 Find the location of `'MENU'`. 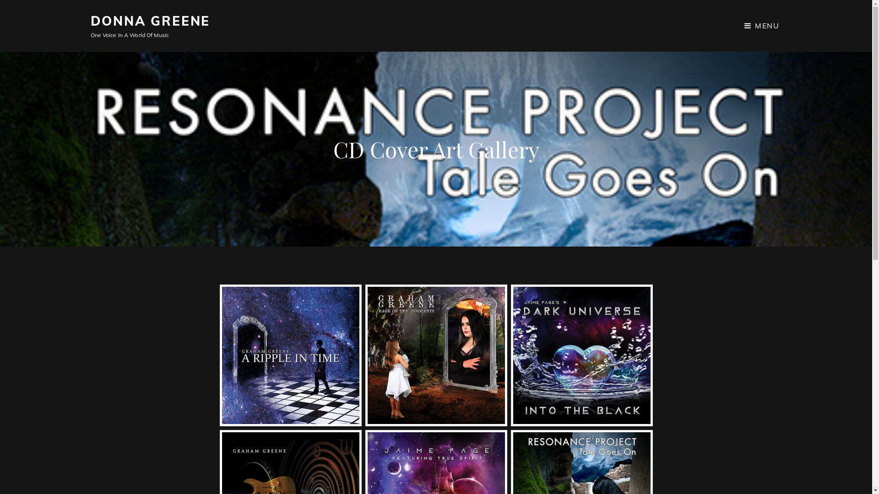

'MENU' is located at coordinates (762, 25).